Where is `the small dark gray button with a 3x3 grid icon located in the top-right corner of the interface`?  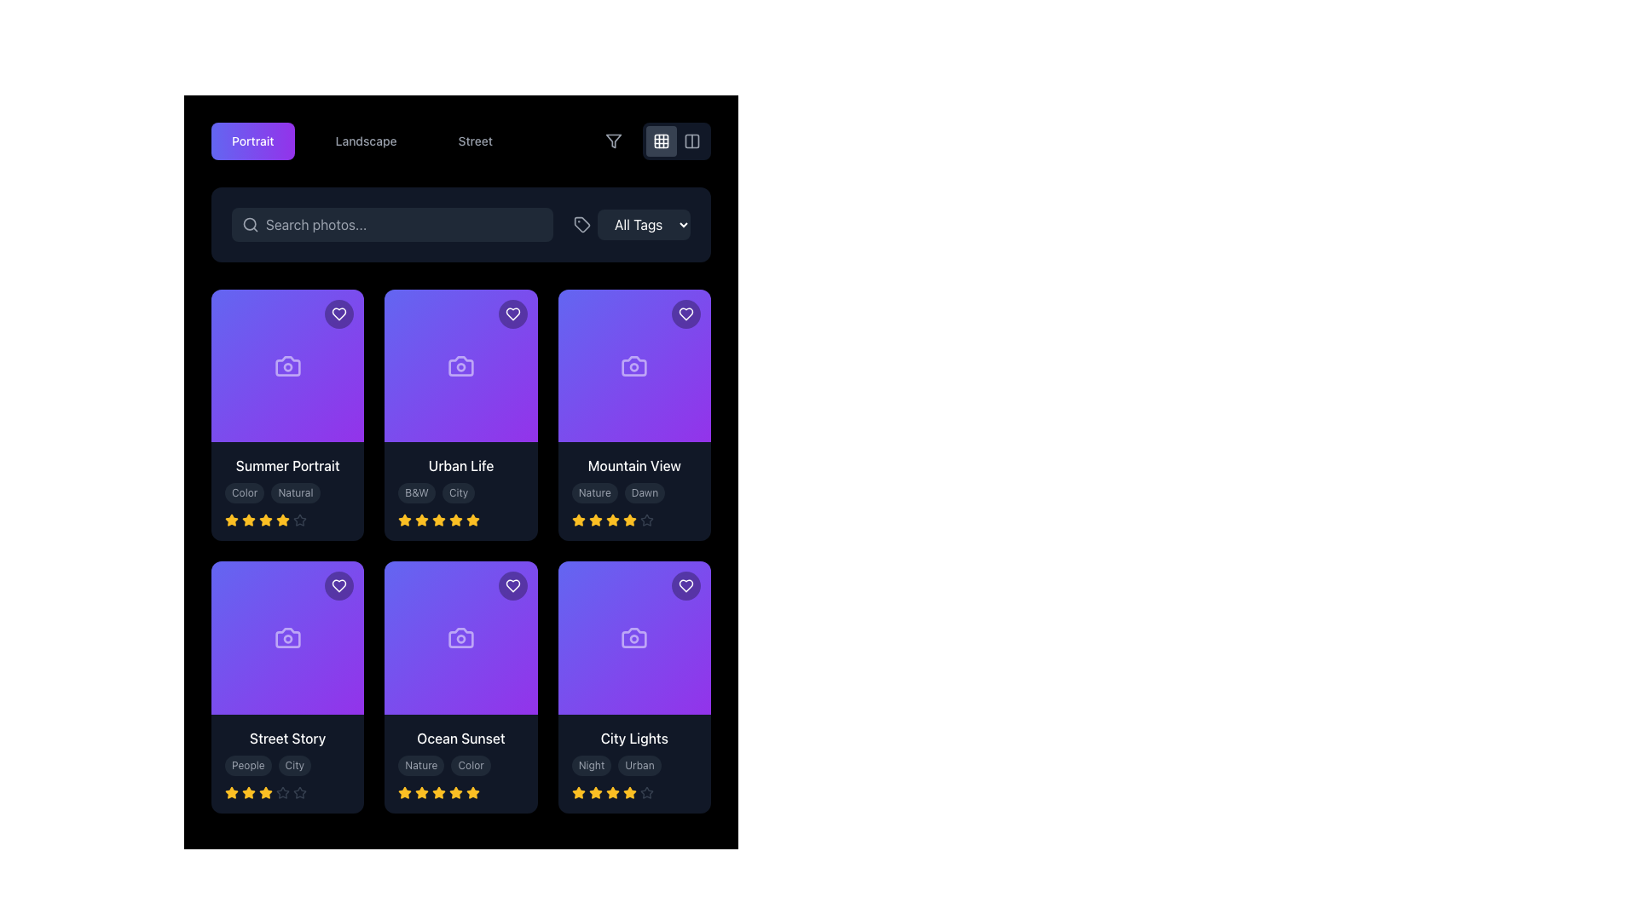
the small dark gray button with a 3x3 grid icon located in the top-right corner of the interface is located at coordinates (661, 140).